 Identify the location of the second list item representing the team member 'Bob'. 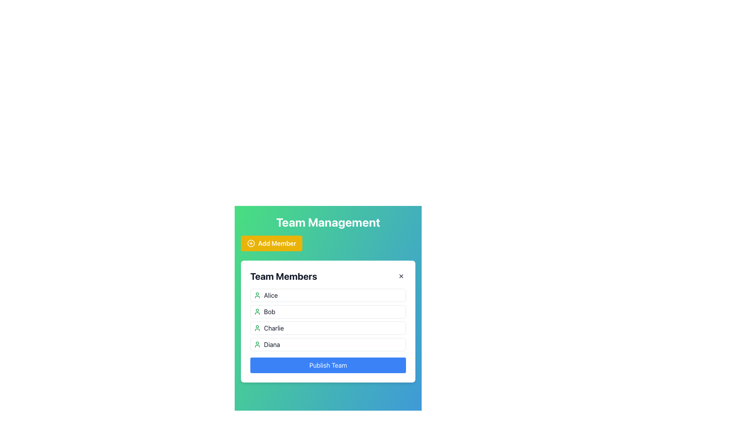
(328, 311).